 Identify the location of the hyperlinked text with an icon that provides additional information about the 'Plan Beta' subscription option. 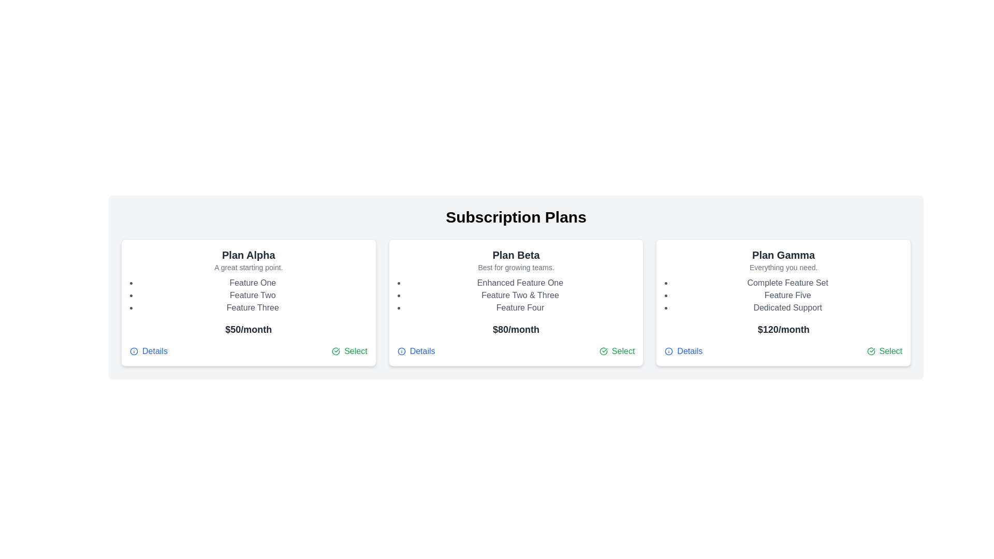
(416, 350).